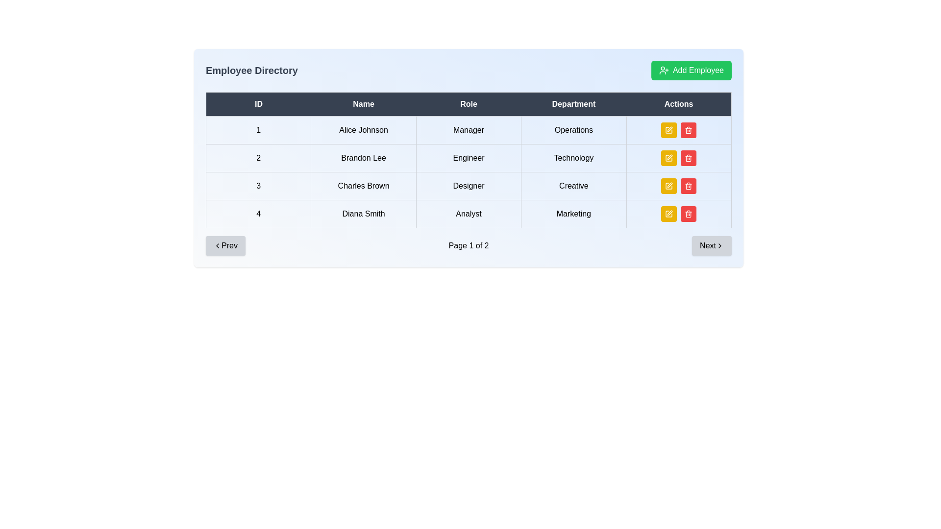  What do you see at coordinates (669, 186) in the screenshot?
I see `the edit icon button` at bounding box center [669, 186].